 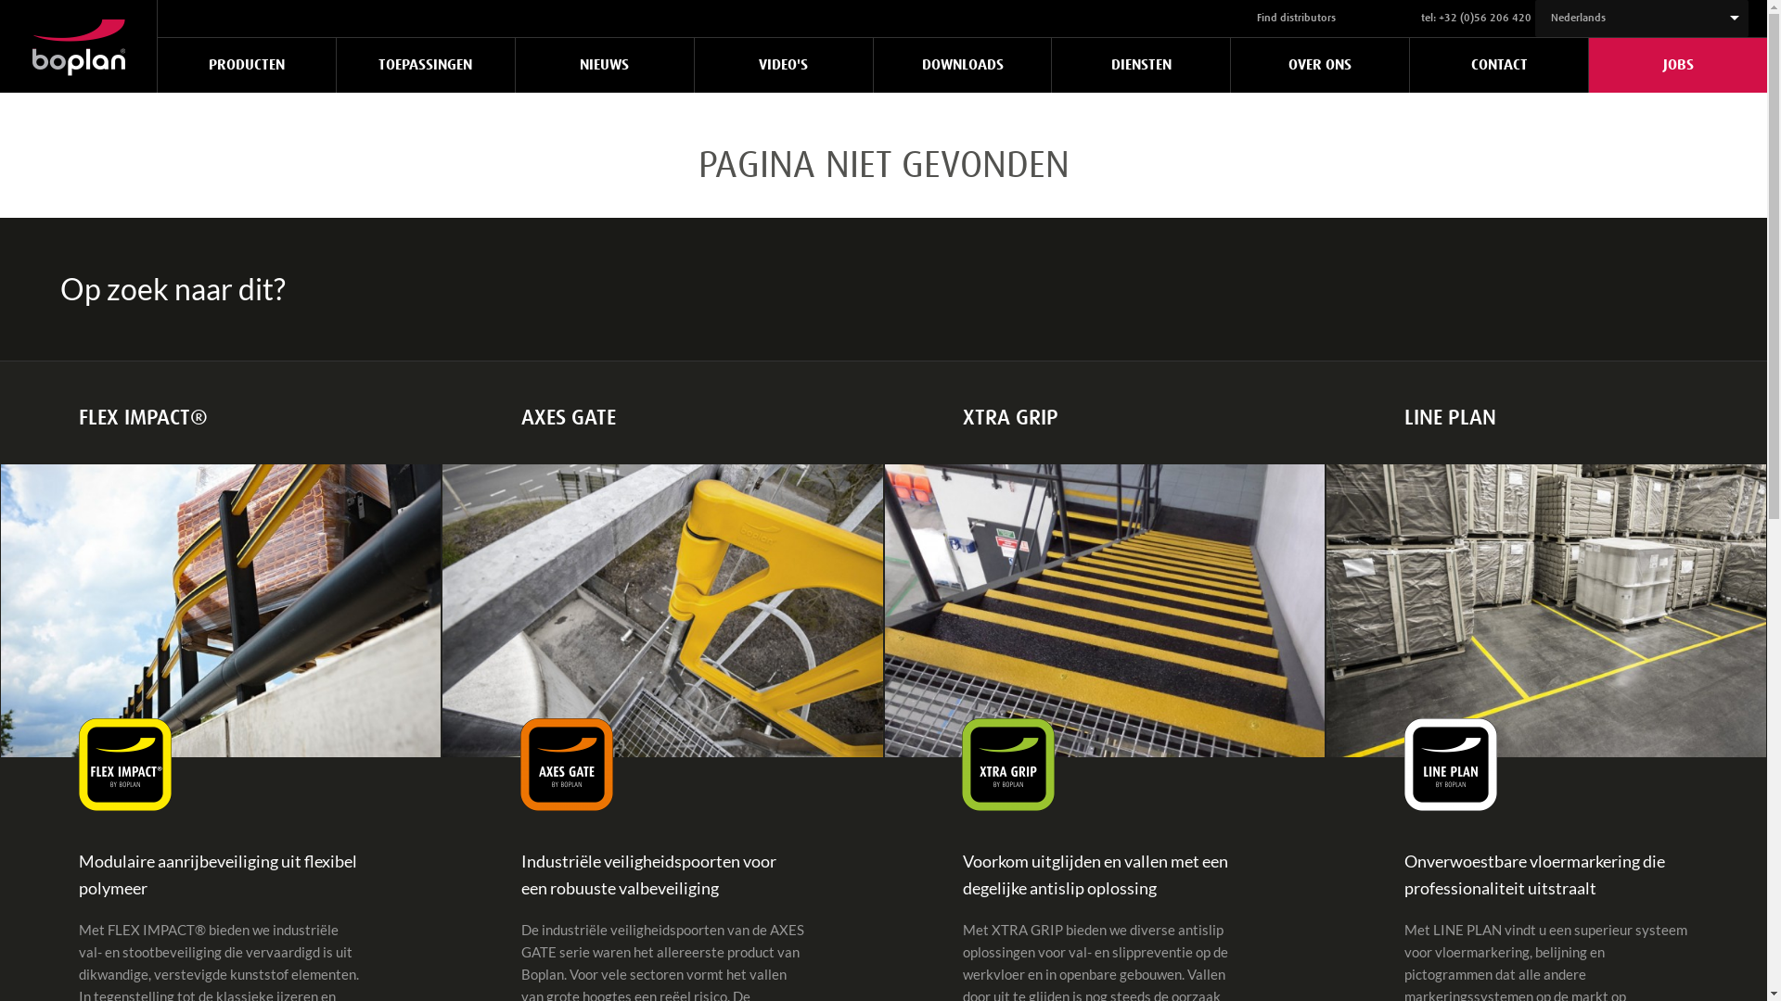 I want to click on 'DIENSTEN', so click(x=1139, y=64).